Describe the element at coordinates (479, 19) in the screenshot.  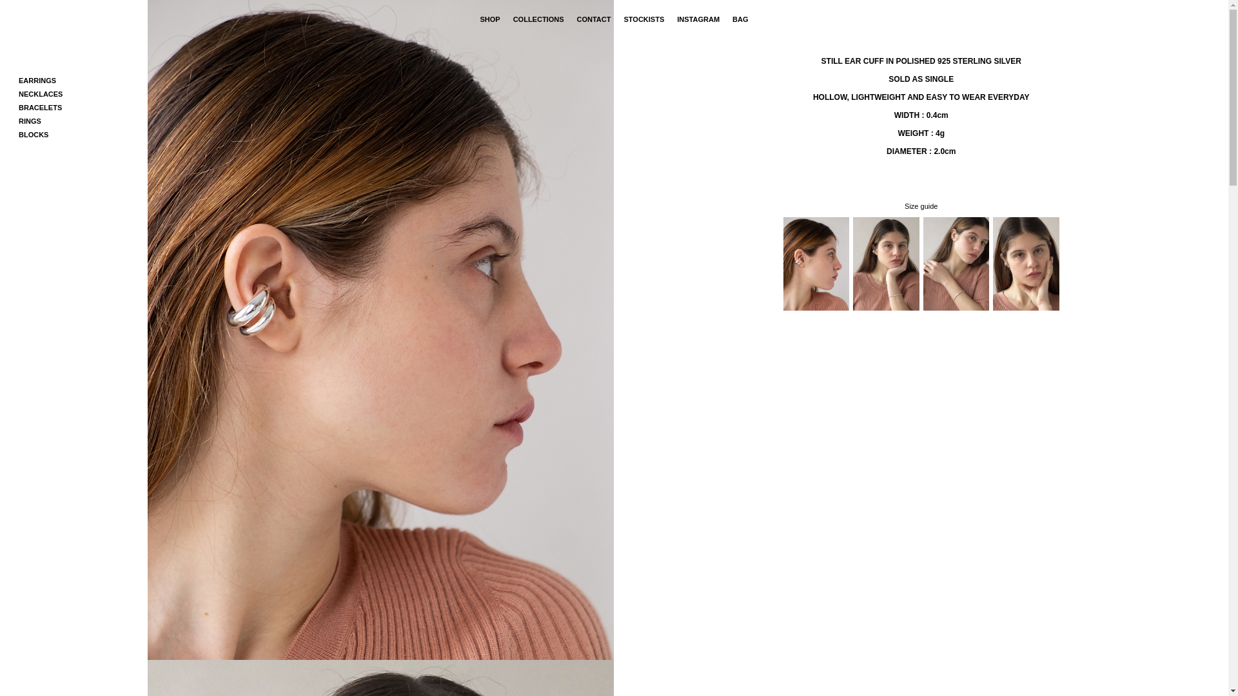
I see `'SHOP'` at that location.